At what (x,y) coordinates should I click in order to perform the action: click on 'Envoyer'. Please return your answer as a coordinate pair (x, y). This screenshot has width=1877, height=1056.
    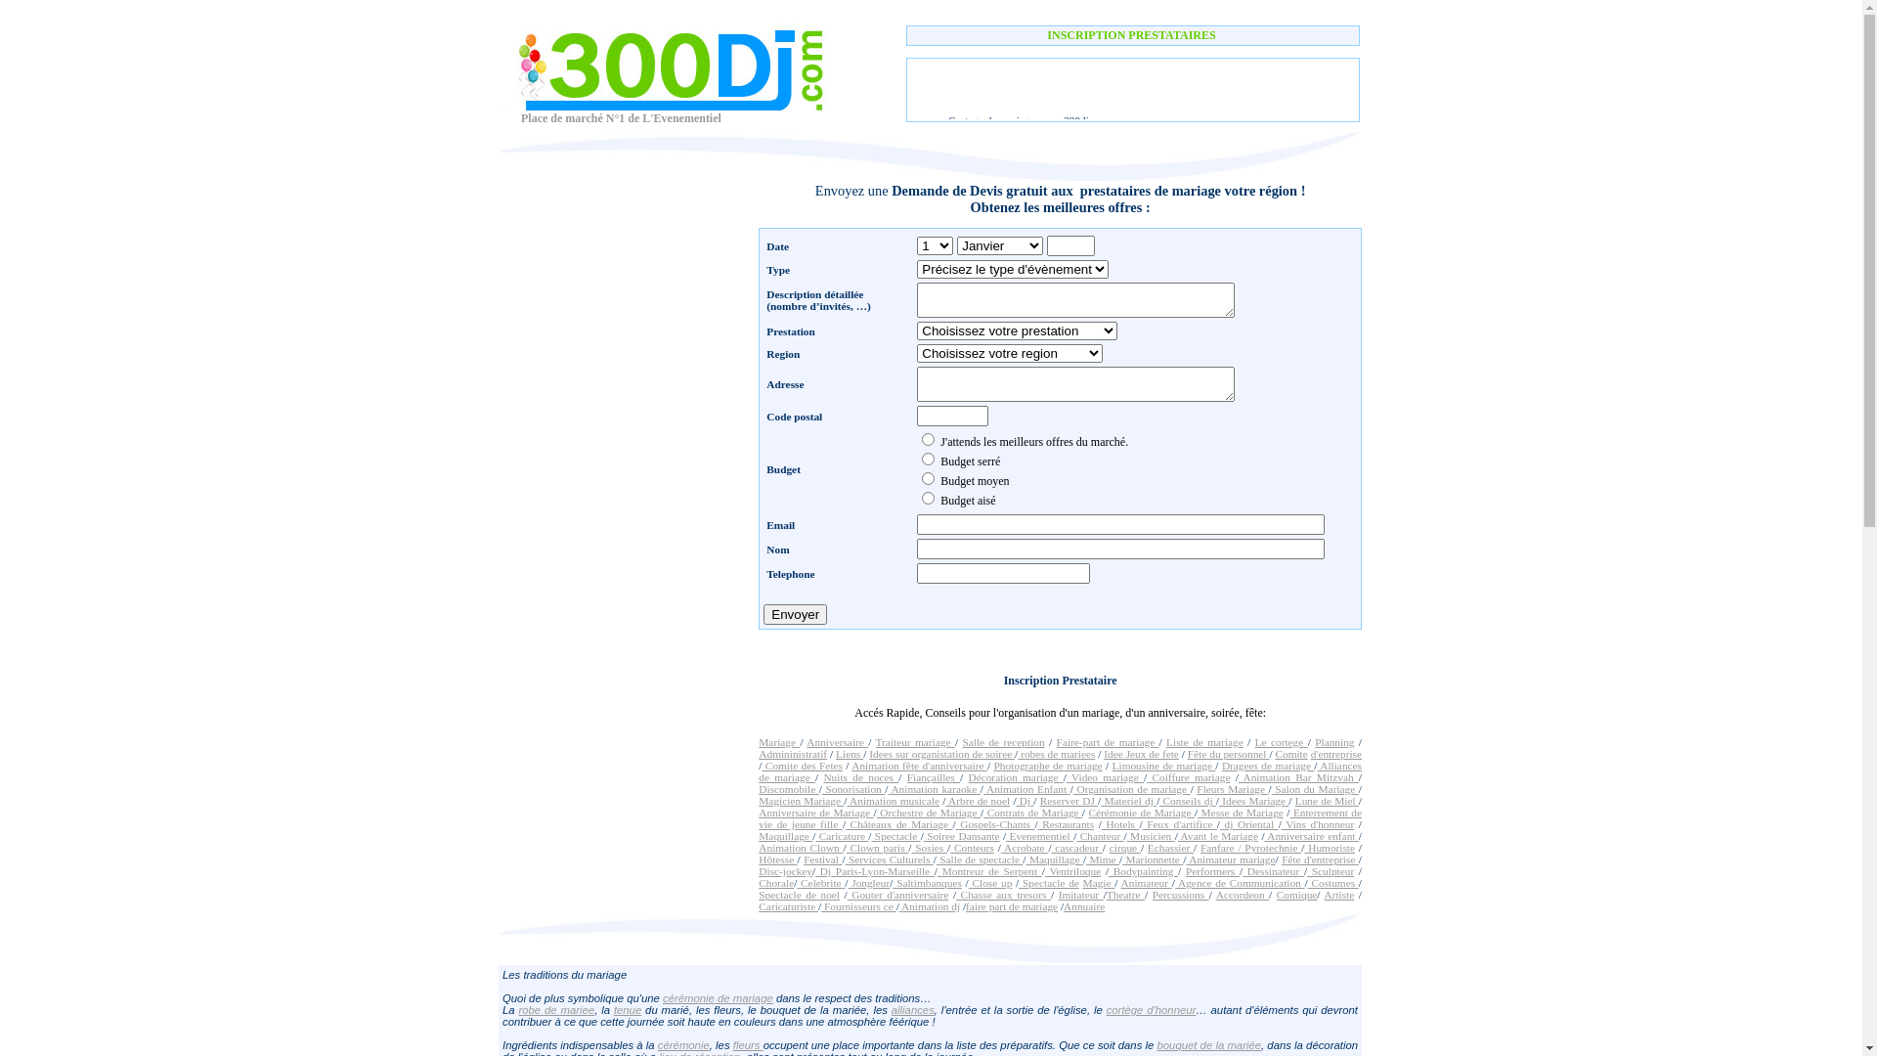
    Looking at the image, I should click on (795, 613).